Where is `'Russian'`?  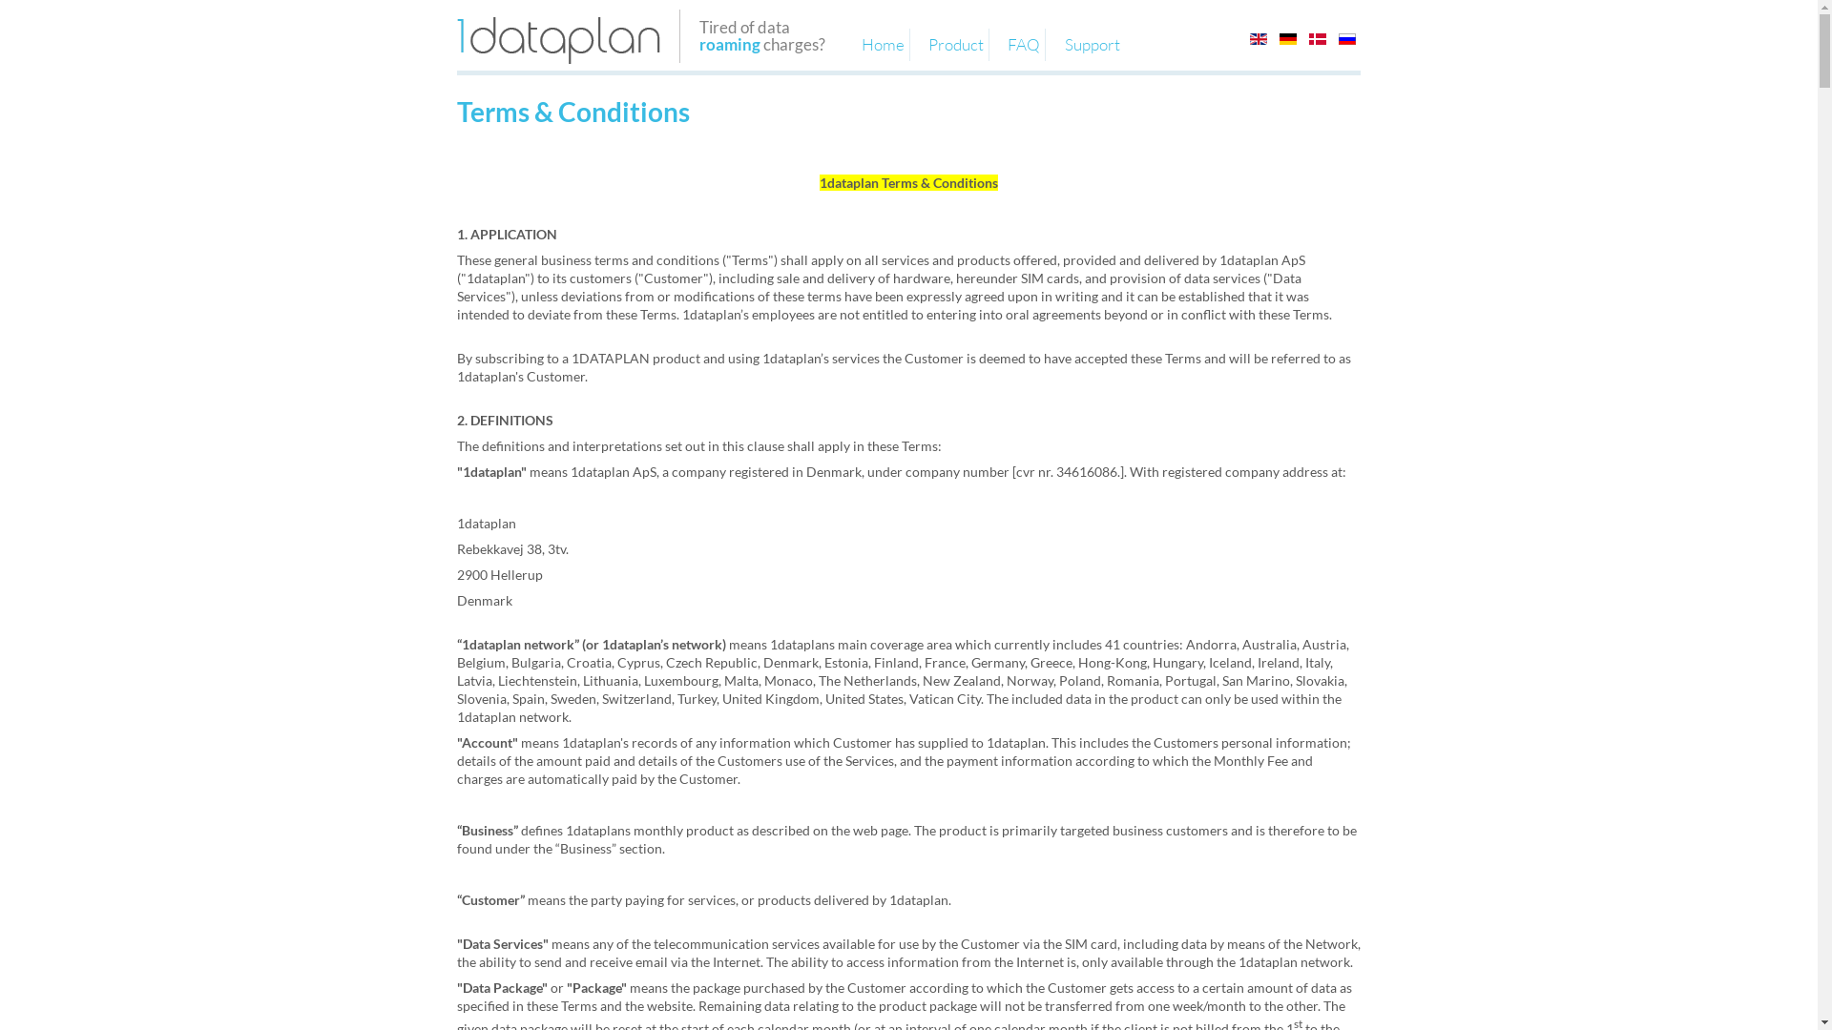 'Russian' is located at coordinates (1345, 39).